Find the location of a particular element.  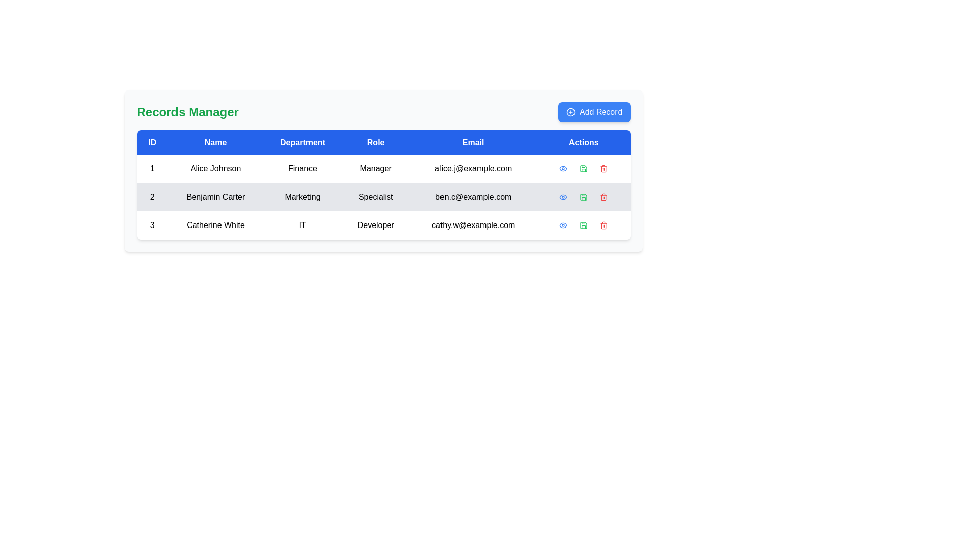

the circular eye icon with a blue outline in the 'Actions' column, third row associated with user 'Catherine White' is located at coordinates (563, 197).